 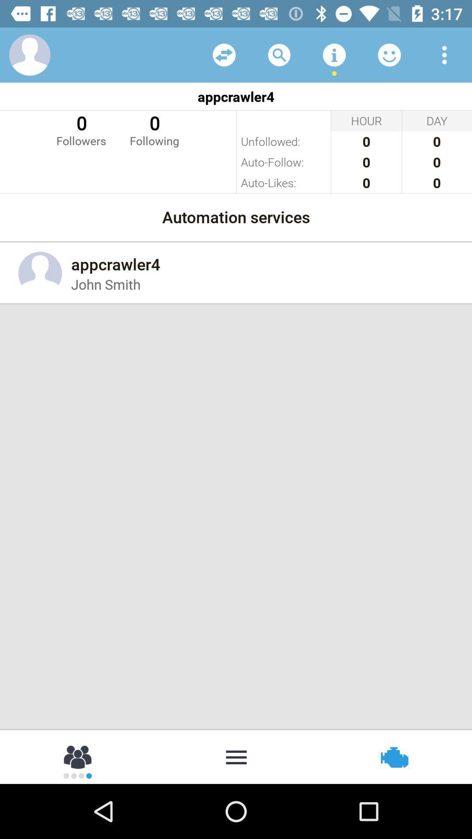 I want to click on emoji menu, so click(x=389, y=54).